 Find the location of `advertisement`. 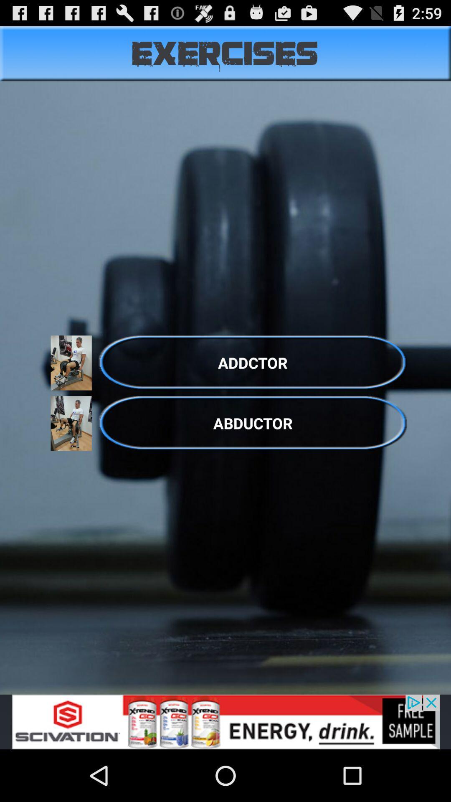

advertisement is located at coordinates (225, 721).